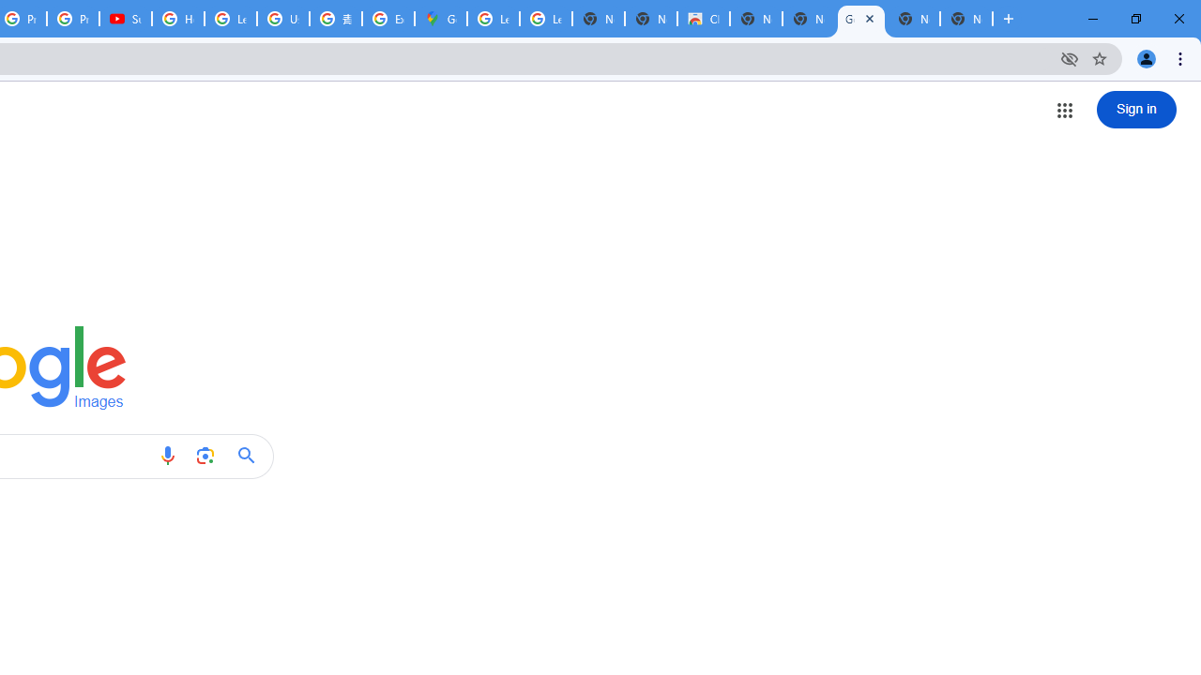  Describe the element at coordinates (125, 19) in the screenshot. I see `'Subscriptions - YouTube'` at that location.